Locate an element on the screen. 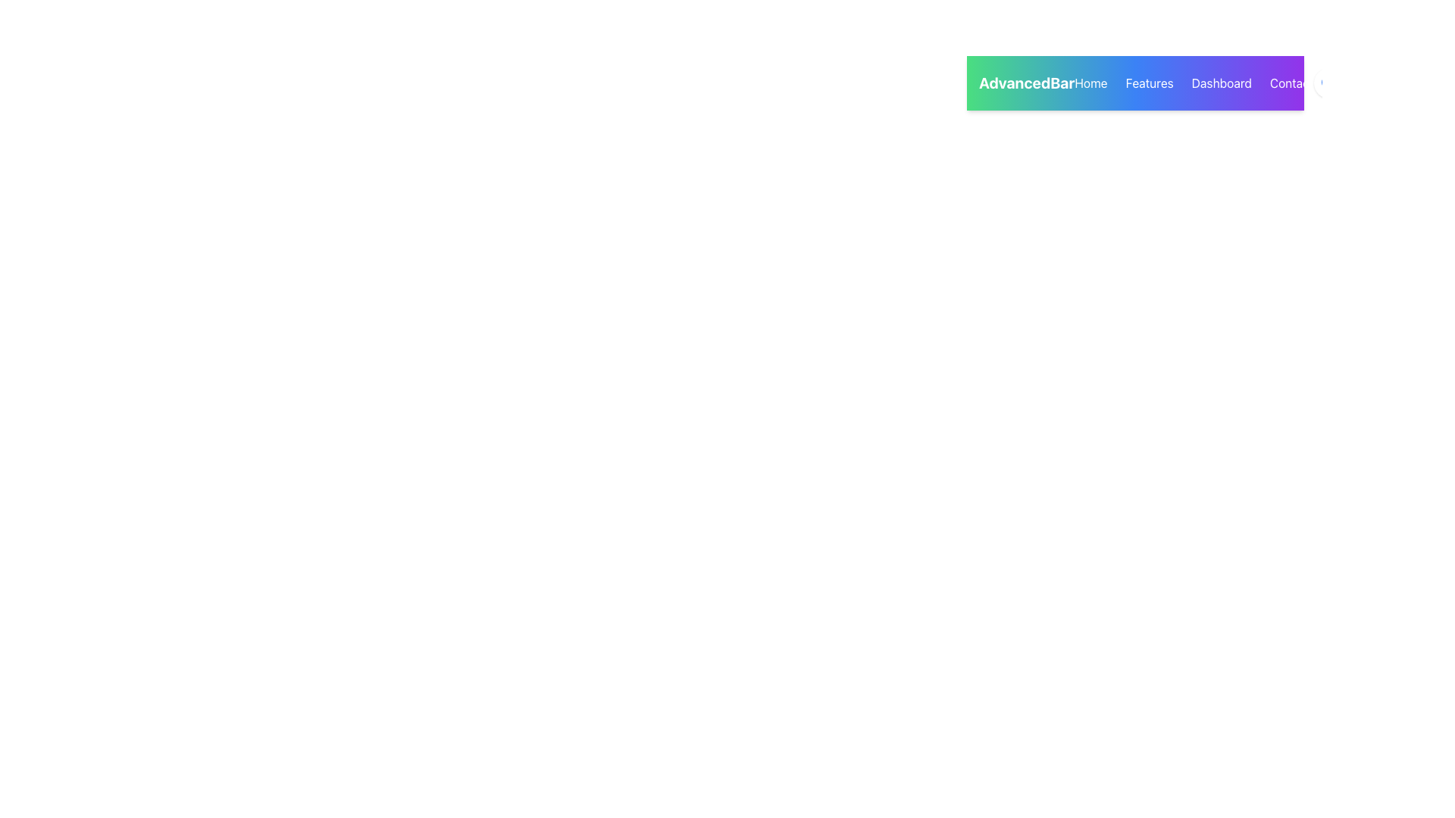 The width and height of the screenshot is (1455, 818). the circular button with a white background and a blue magnifying glass icon located in the top-right corner for accessibility navigation is located at coordinates (1328, 83).